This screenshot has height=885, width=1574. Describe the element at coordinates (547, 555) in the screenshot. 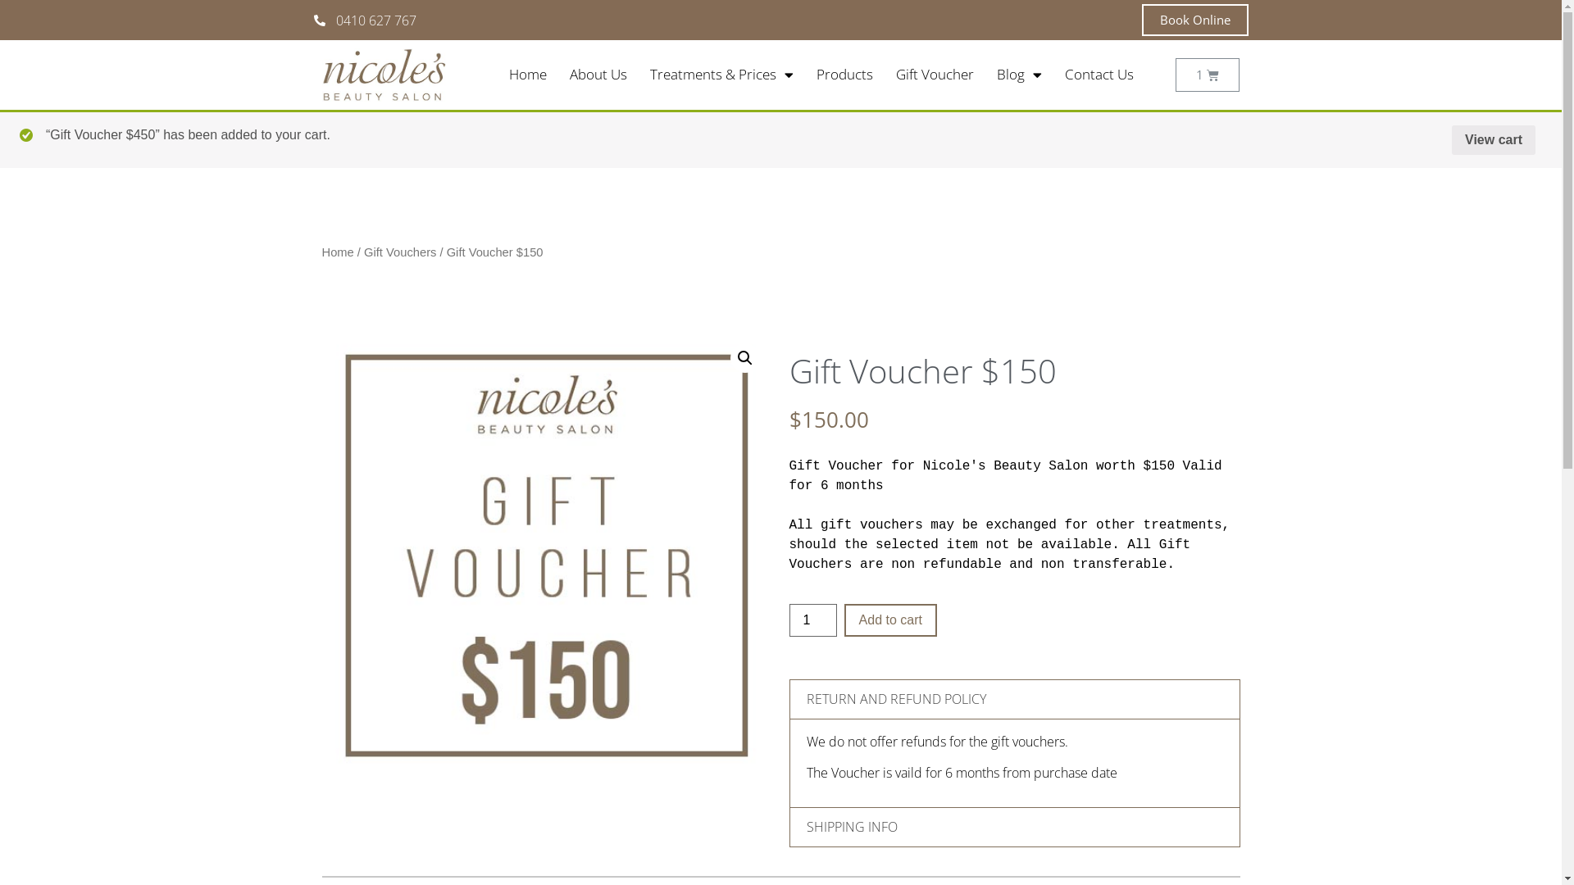

I see `'giftvoucher-150'` at that location.